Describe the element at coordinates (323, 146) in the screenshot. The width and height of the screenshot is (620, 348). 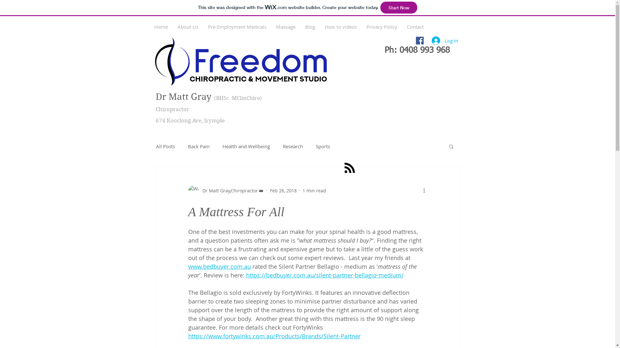
I see `'Sports'` at that location.